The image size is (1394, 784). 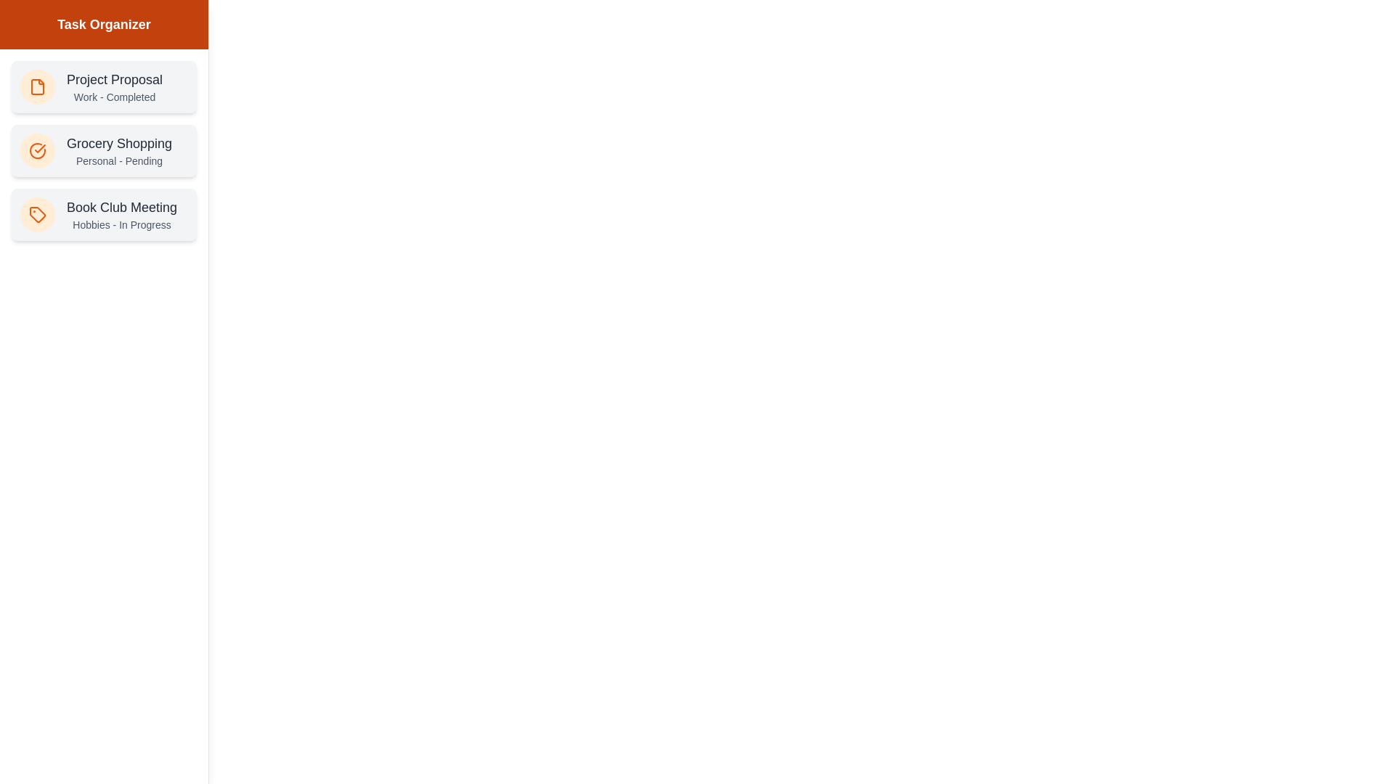 I want to click on the toggle button at the top-left to toggle the drawer, so click(x=31, y=31).